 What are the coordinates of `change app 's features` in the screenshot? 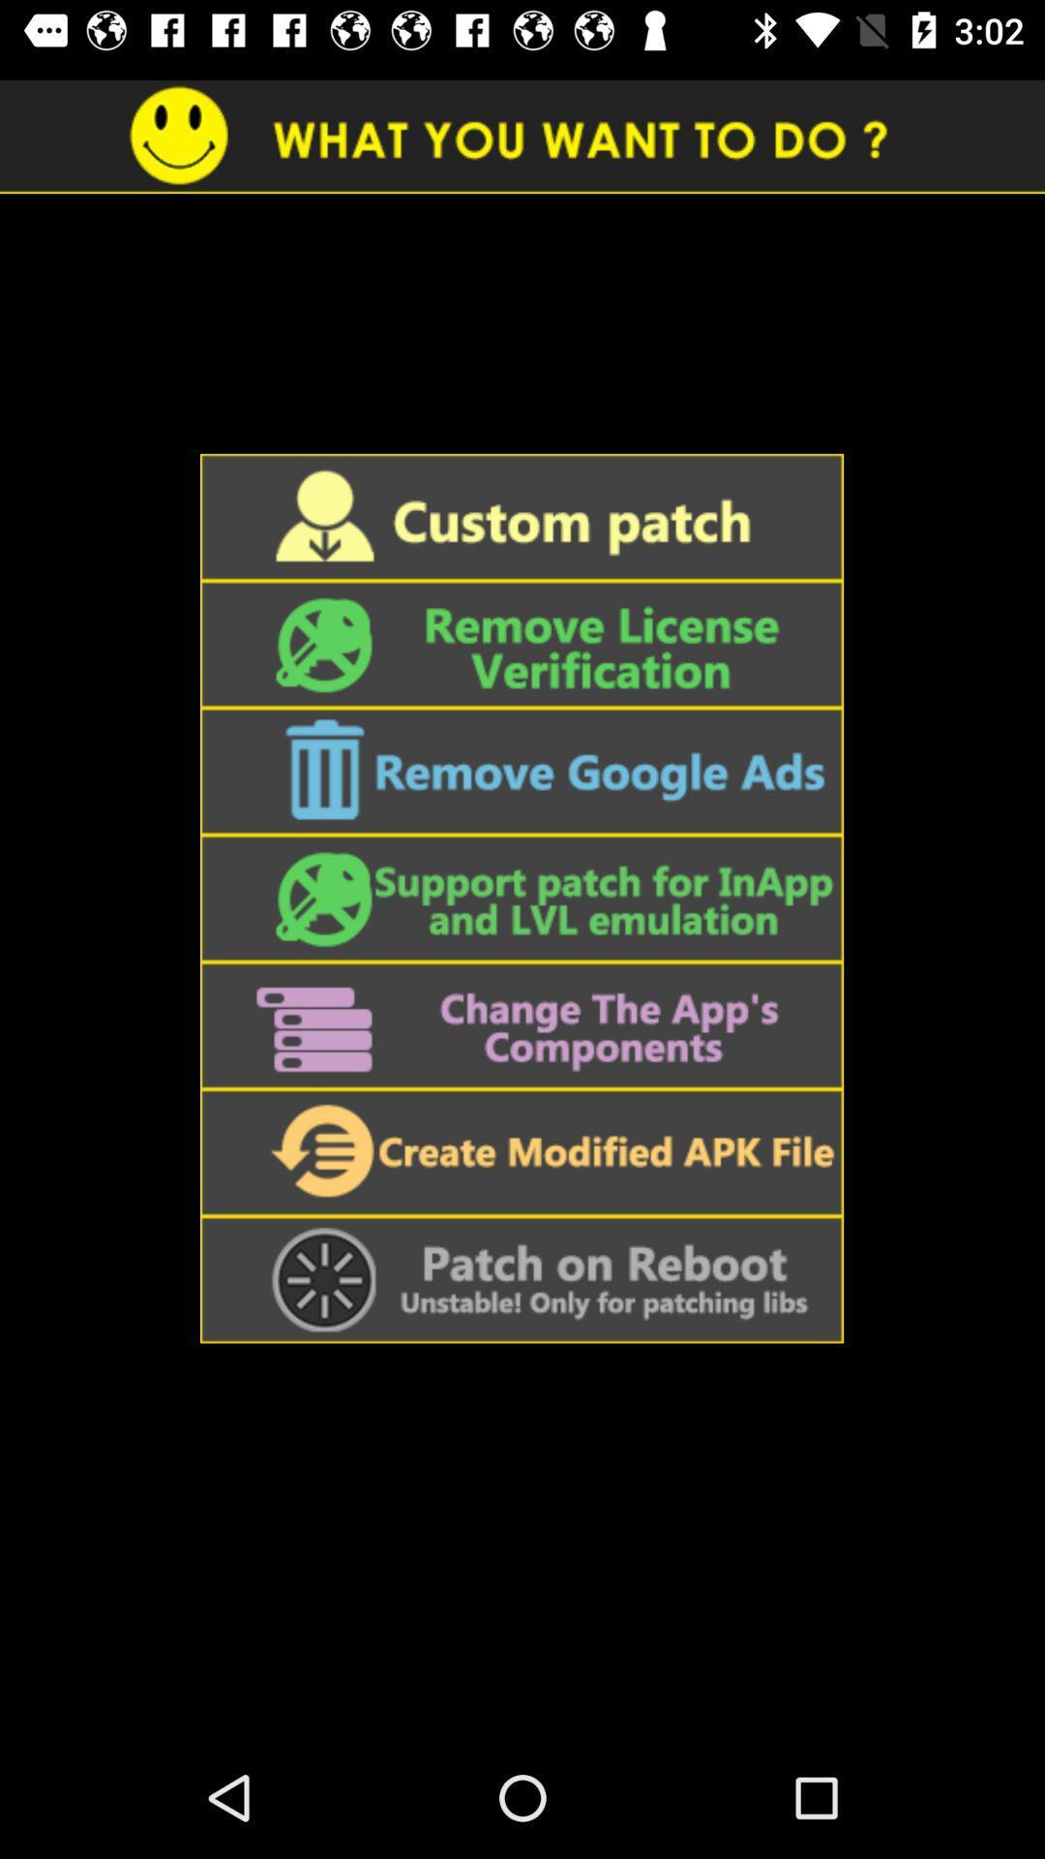 It's located at (521, 1024).